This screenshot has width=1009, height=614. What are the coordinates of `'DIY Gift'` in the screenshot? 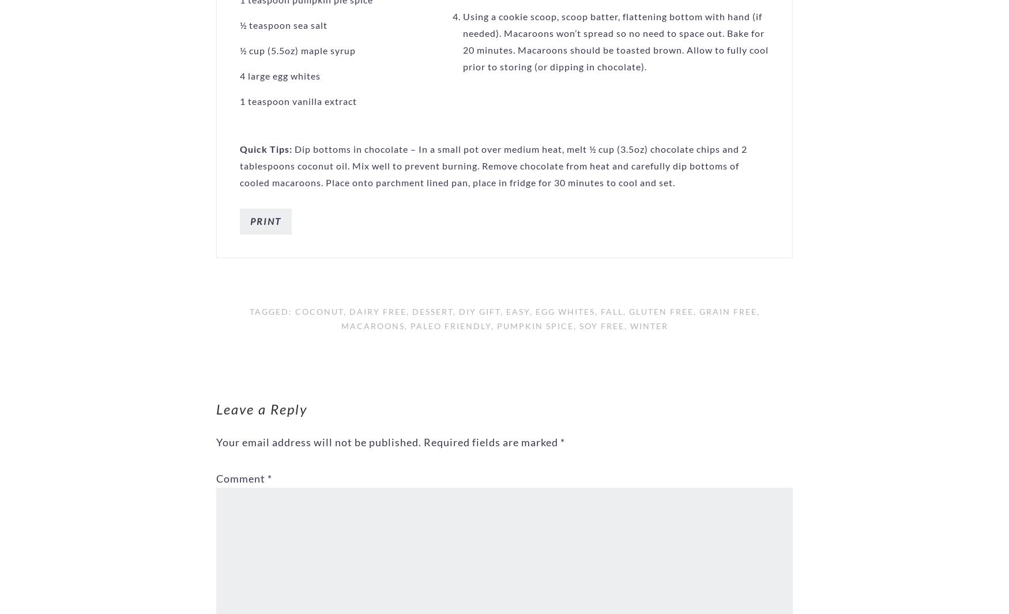 It's located at (479, 311).